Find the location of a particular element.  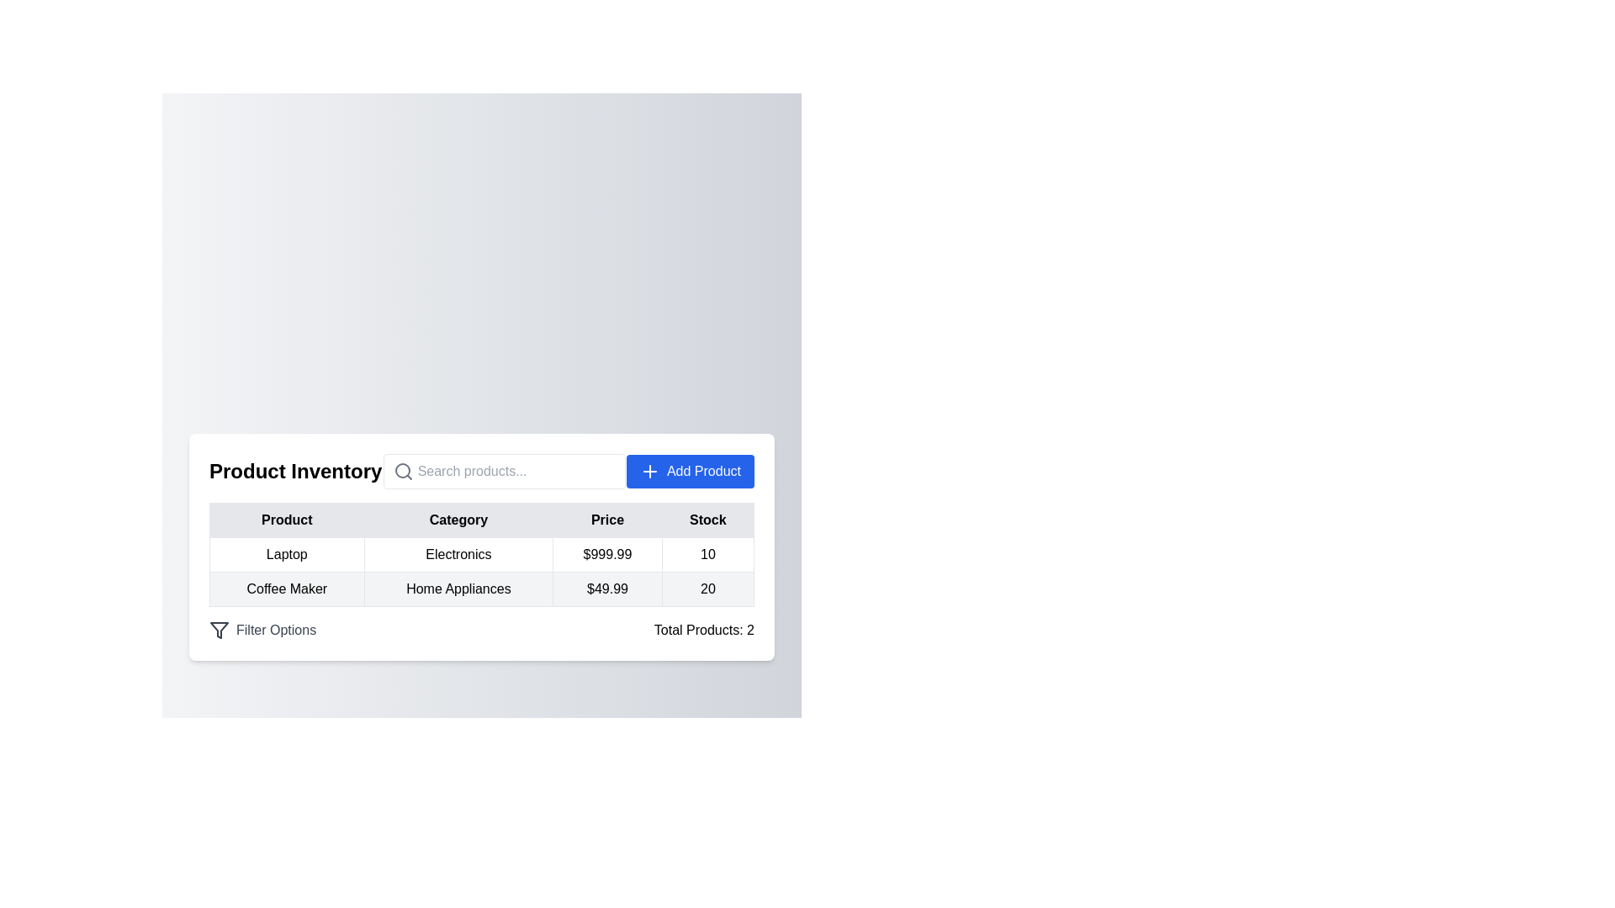

the 'Electronics' text label located in the 'Category' column of the table, which is styled with padding and a border is located at coordinates (458, 554).